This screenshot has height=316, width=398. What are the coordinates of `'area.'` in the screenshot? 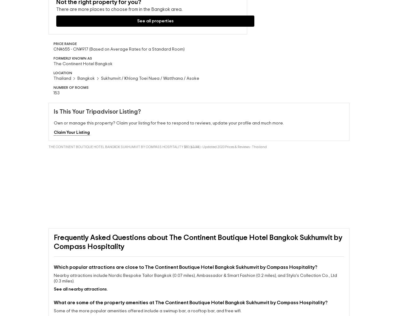 It's located at (81, 31).